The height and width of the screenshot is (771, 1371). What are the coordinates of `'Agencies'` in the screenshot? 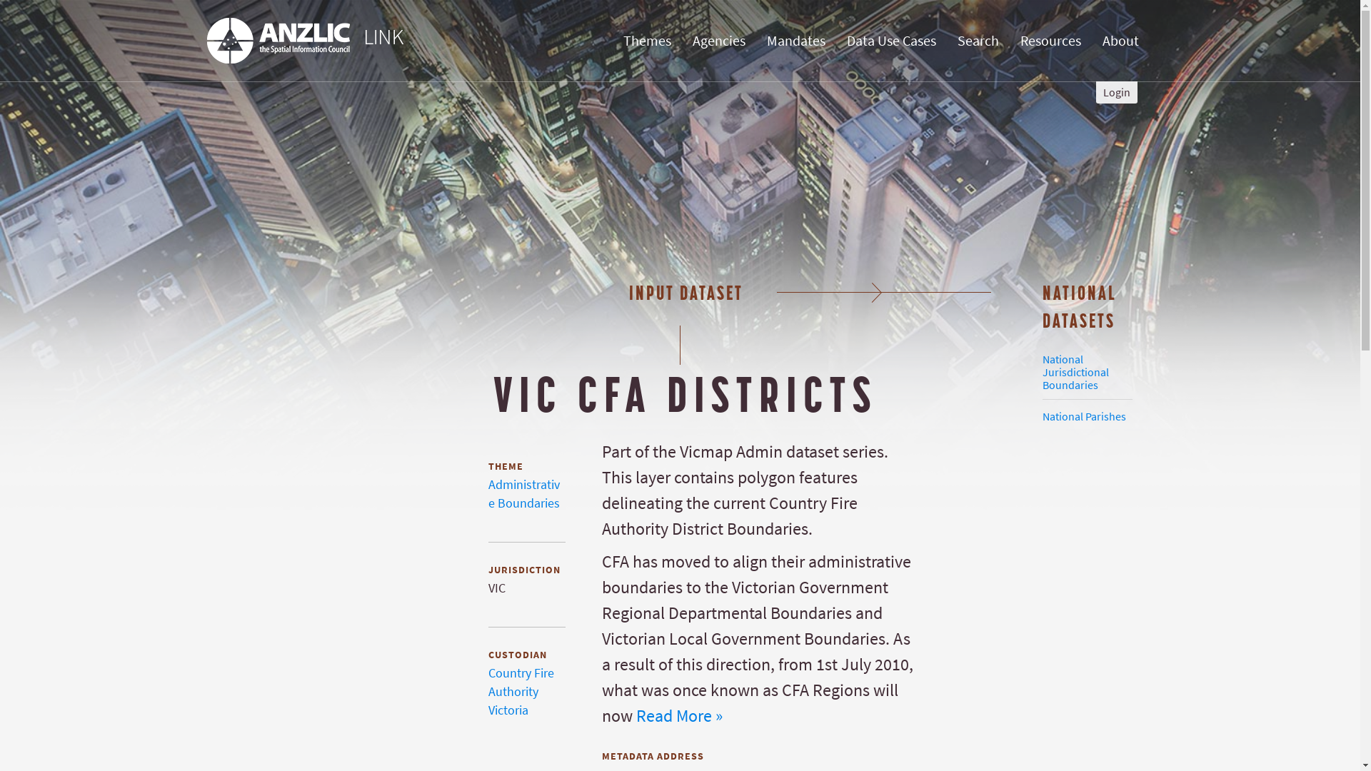 It's located at (719, 40).